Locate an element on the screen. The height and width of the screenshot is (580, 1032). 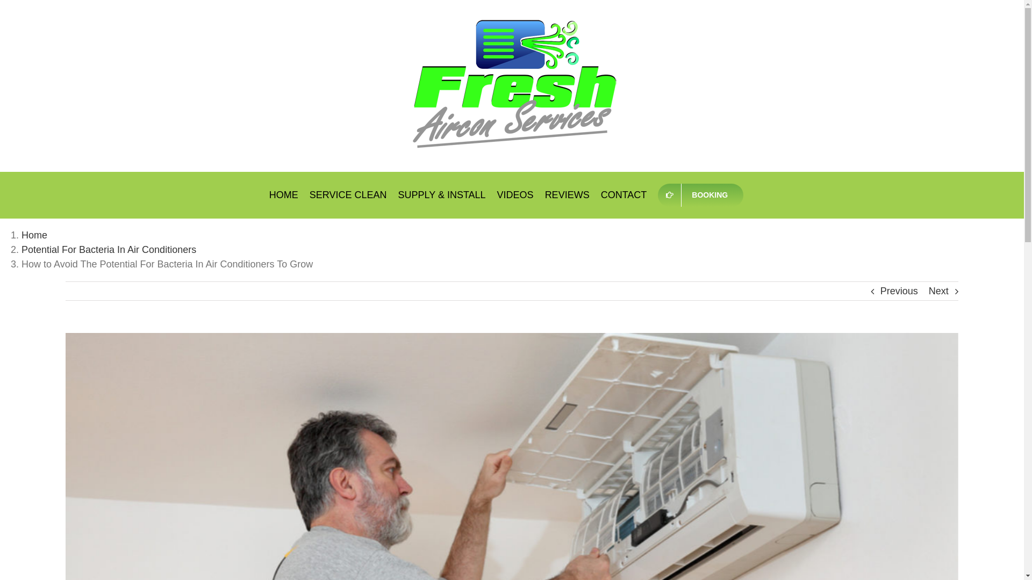
'SUPPLY & INSTALL' is located at coordinates (397, 194).